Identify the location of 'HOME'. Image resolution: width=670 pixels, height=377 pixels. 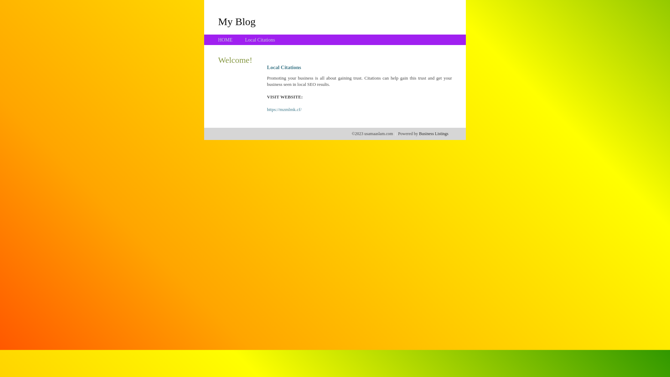
(225, 40).